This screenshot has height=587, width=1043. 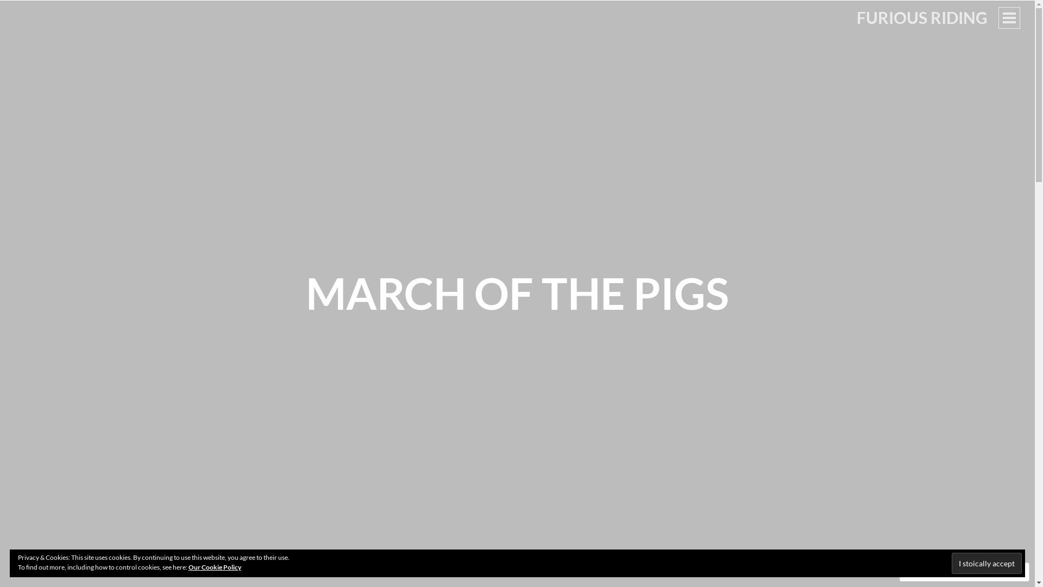 What do you see at coordinates (28, 13) in the screenshot?
I see `'Search'` at bounding box center [28, 13].